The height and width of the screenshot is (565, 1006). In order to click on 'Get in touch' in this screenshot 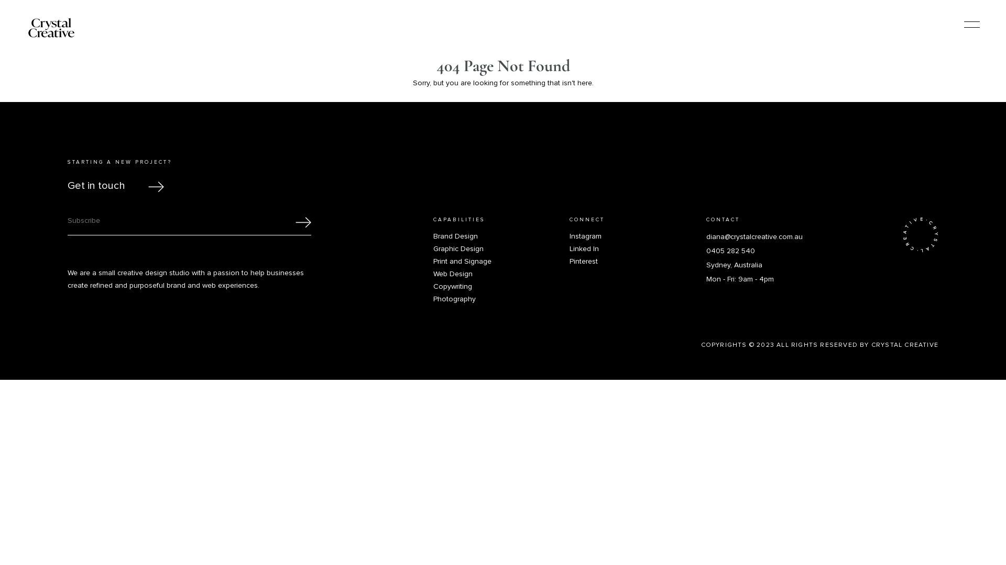, I will do `click(112, 185)`.